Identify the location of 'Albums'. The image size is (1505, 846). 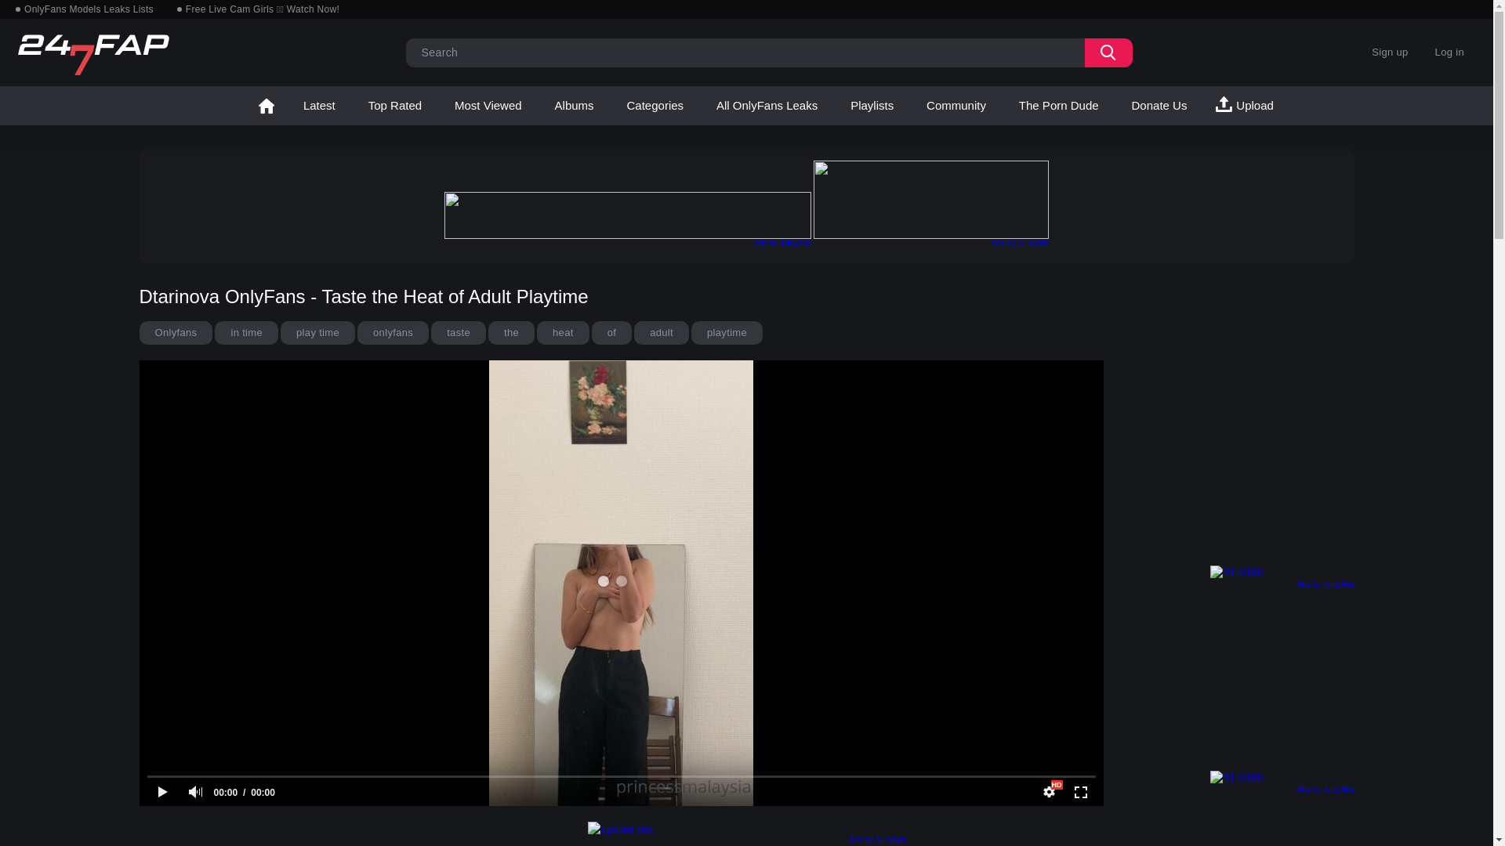
(574, 106).